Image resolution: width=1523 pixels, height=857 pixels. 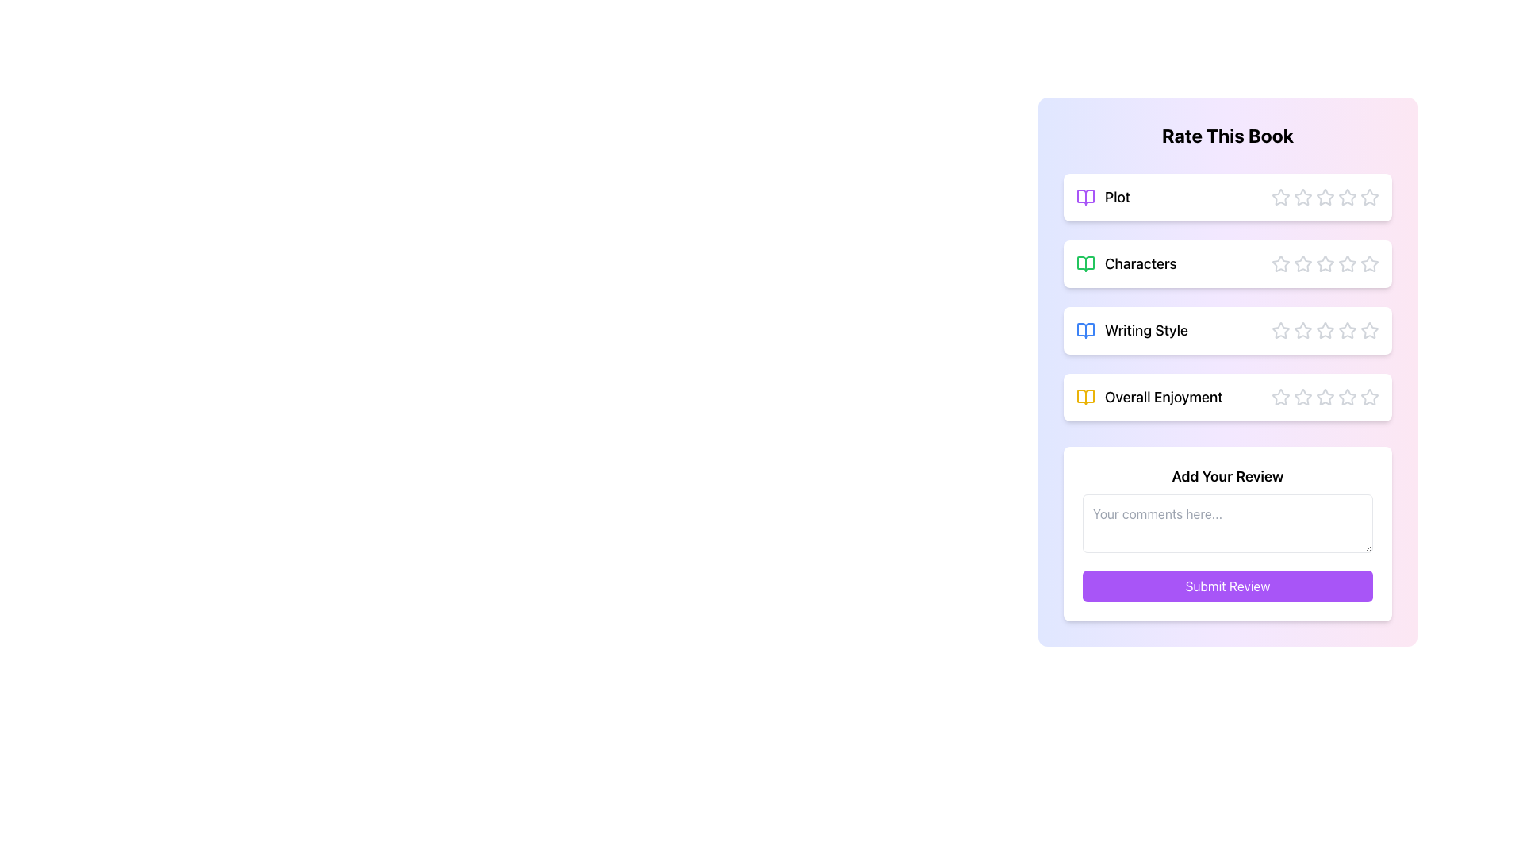 What do you see at coordinates (1084, 263) in the screenshot?
I see `the 'Characters' icon in the review categories section, which is positioned to the left of the text label` at bounding box center [1084, 263].